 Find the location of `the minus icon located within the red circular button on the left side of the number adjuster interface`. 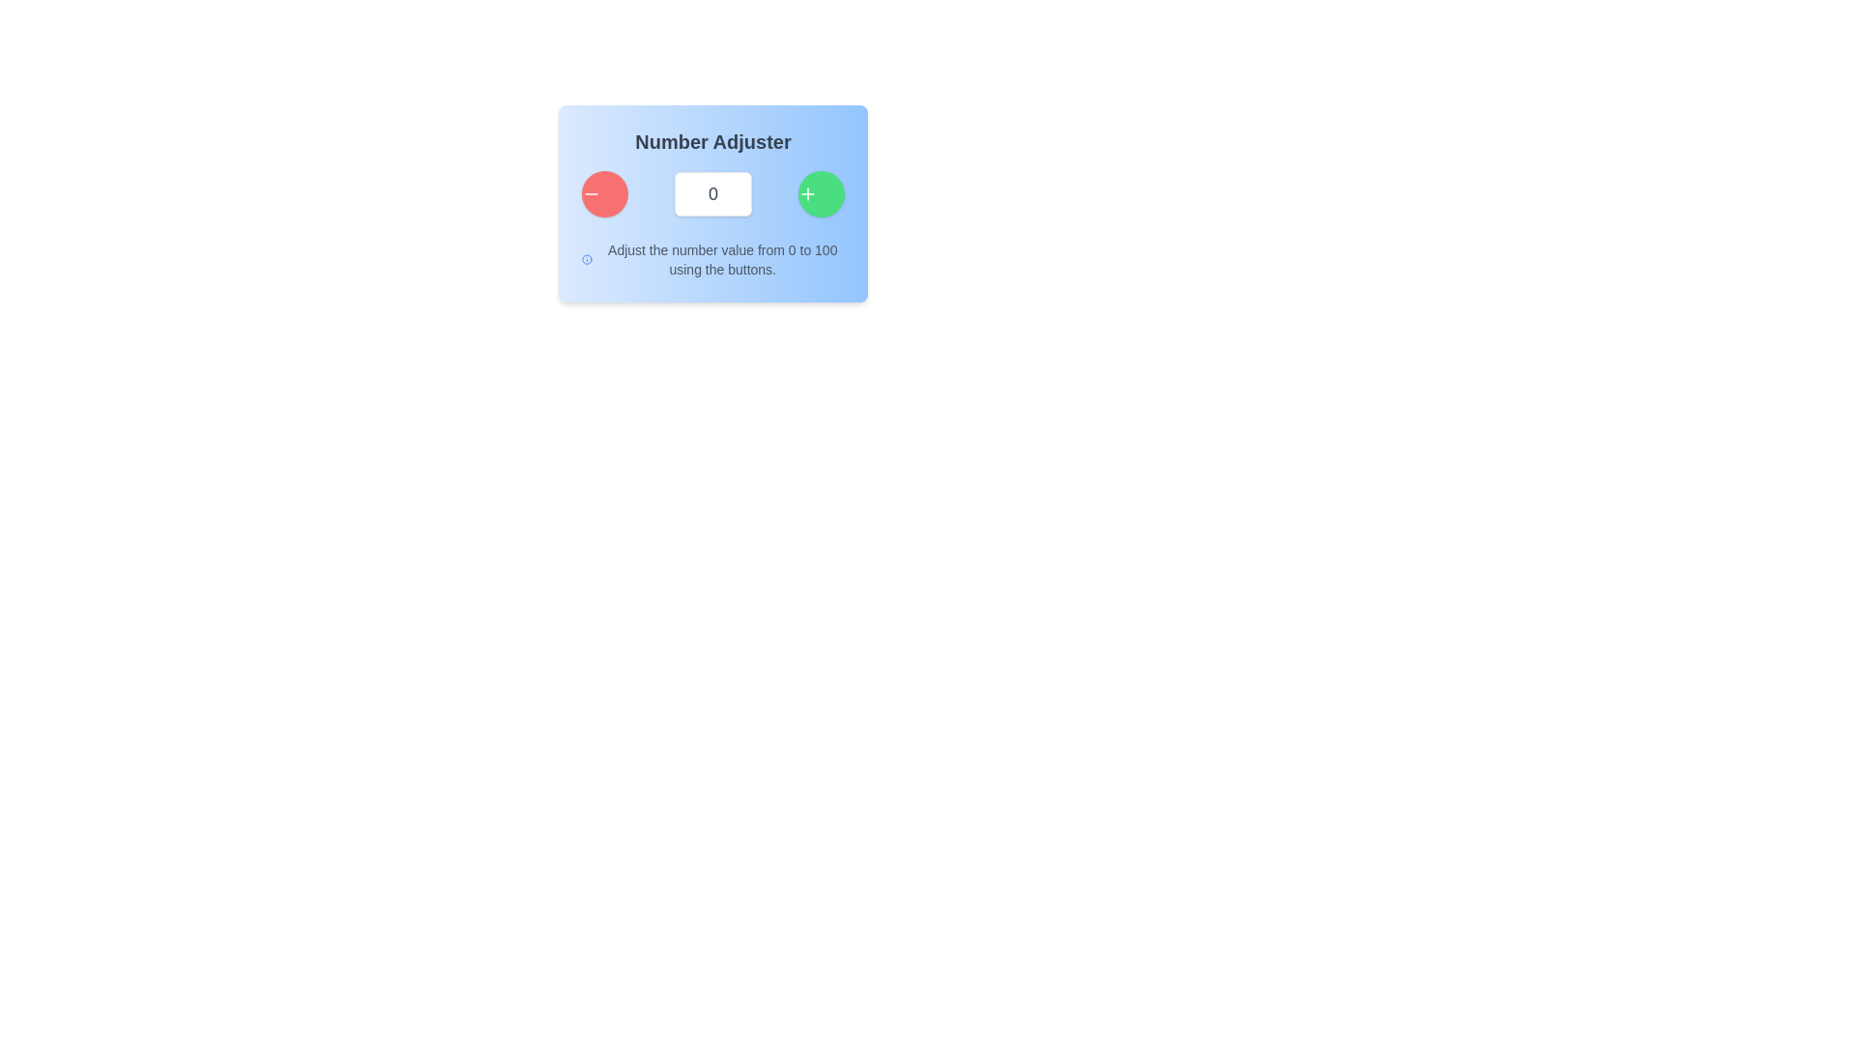

the minus icon located within the red circular button on the left side of the number adjuster interface is located at coordinates (590, 193).